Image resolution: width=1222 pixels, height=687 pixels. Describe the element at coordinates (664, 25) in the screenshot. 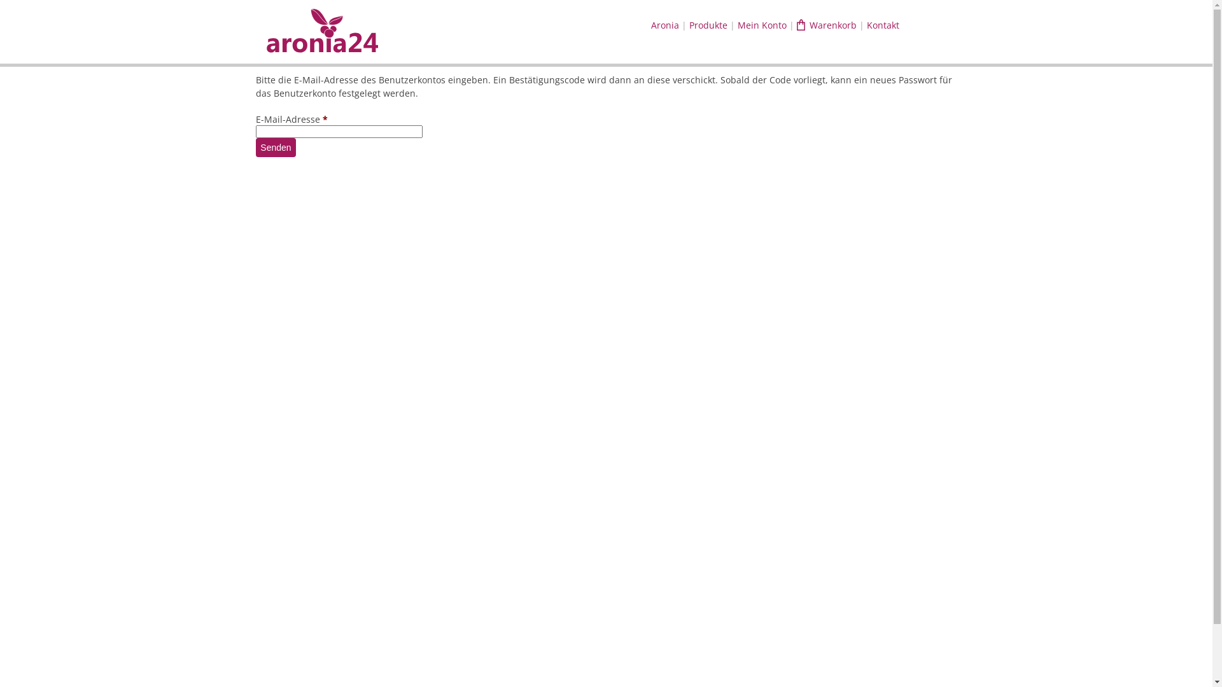

I see `'Aronia'` at that location.